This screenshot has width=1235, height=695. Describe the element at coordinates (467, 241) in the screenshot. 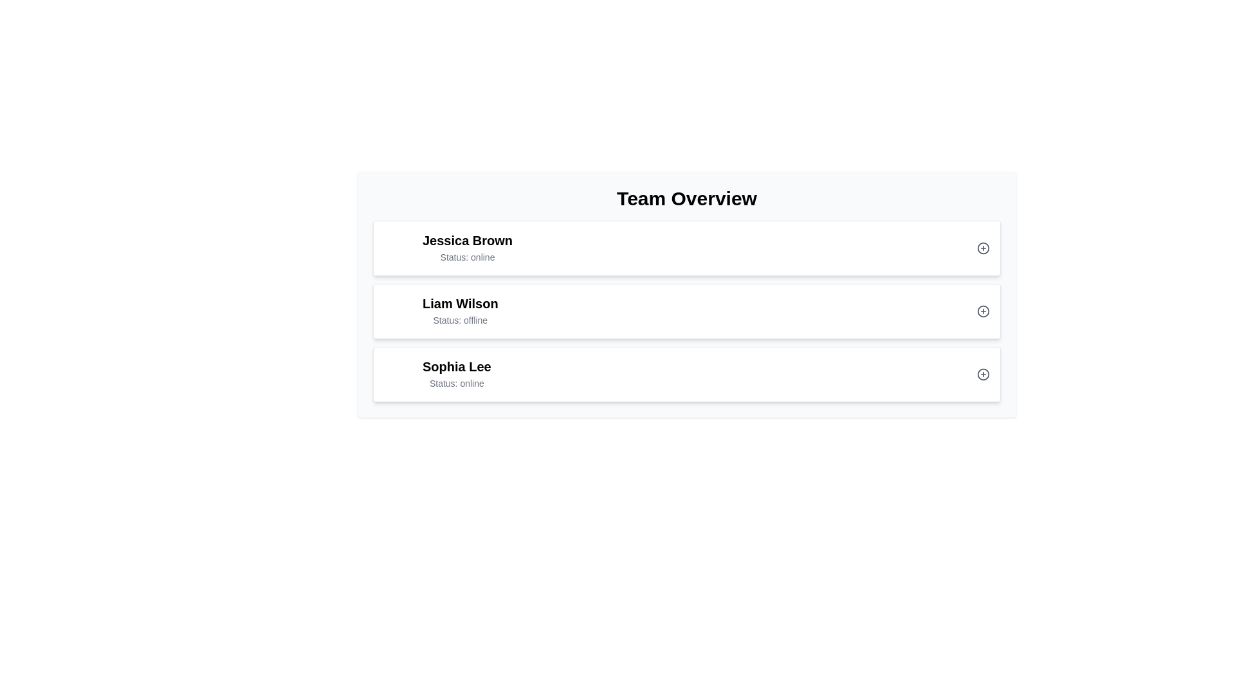

I see `the text label displaying 'Jessica Brown'` at that location.